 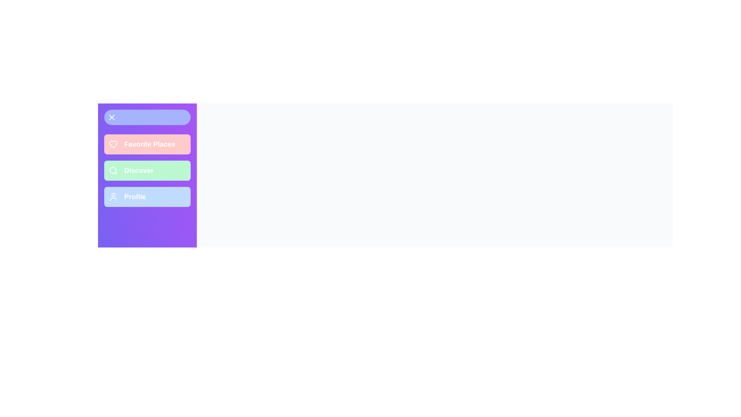 What do you see at coordinates (147, 144) in the screenshot?
I see `the 'Favorite Places' menu item` at bounding box center [147, 144].